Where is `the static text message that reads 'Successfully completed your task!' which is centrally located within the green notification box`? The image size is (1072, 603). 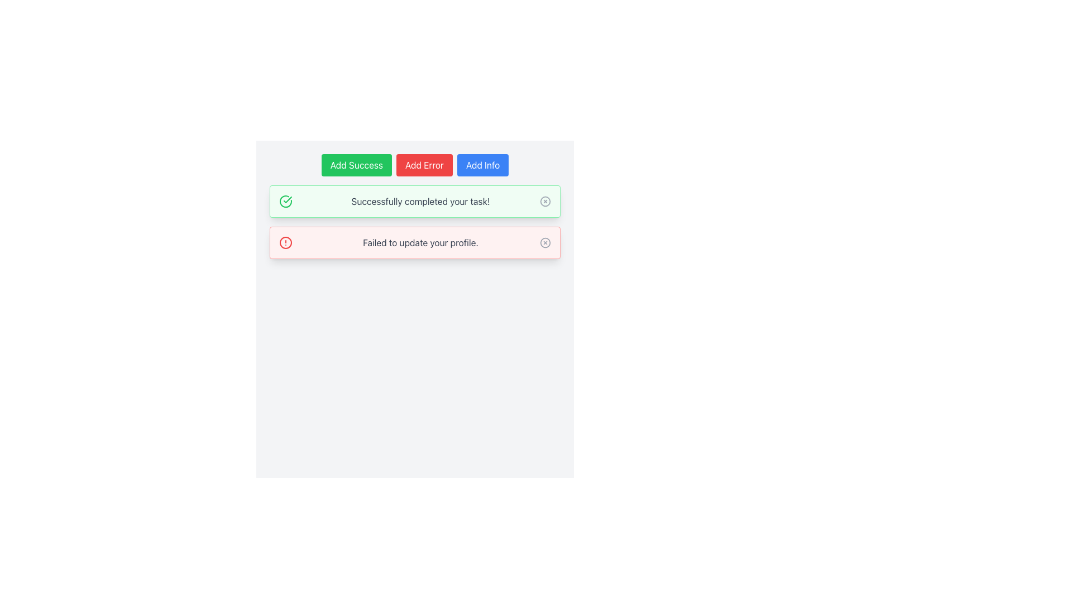 the static text message that reads 'Successfully completed your task!' which is centrally located within the green notification box is located at coordinates (420, 202).